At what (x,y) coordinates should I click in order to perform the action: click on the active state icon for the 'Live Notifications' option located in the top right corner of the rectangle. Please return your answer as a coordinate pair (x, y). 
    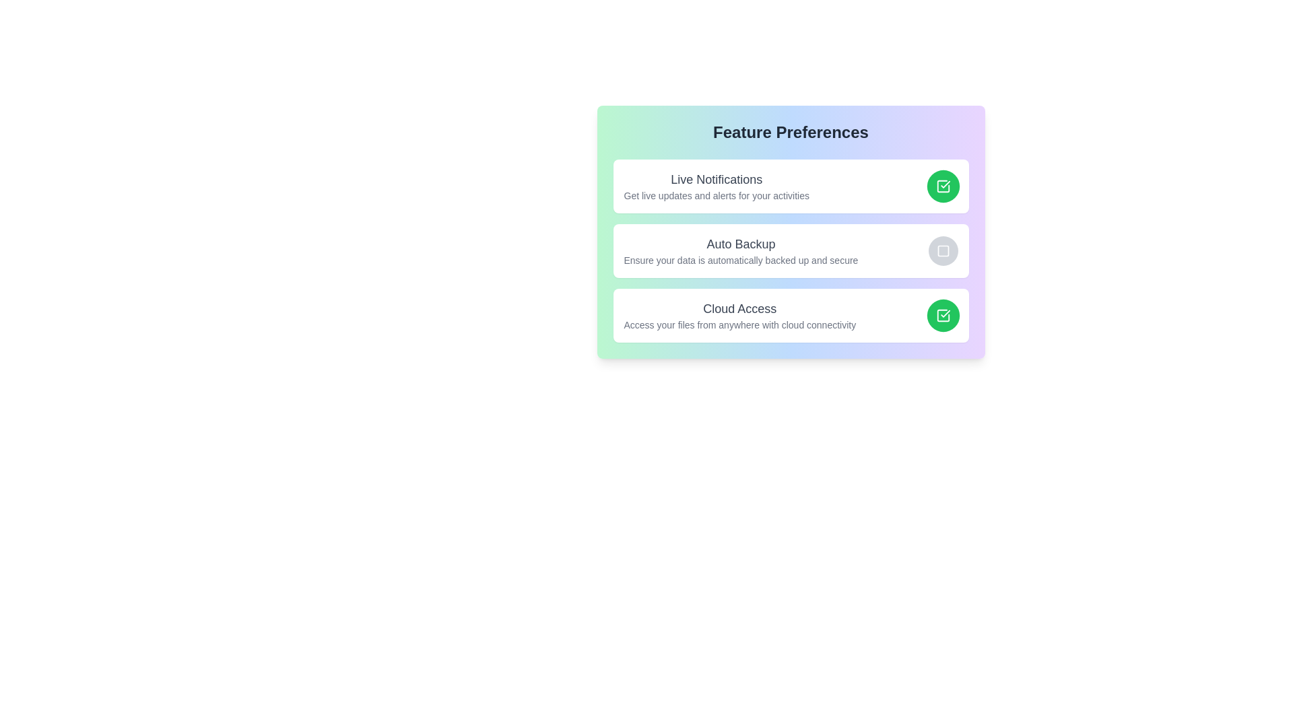
    Looking at the image, I should click on (944, 314).